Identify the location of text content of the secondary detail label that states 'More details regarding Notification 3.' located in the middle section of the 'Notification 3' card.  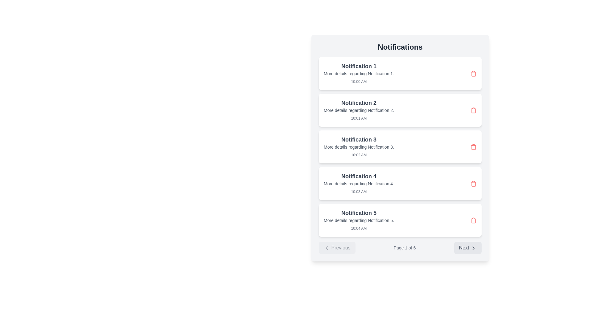
(359, 147).